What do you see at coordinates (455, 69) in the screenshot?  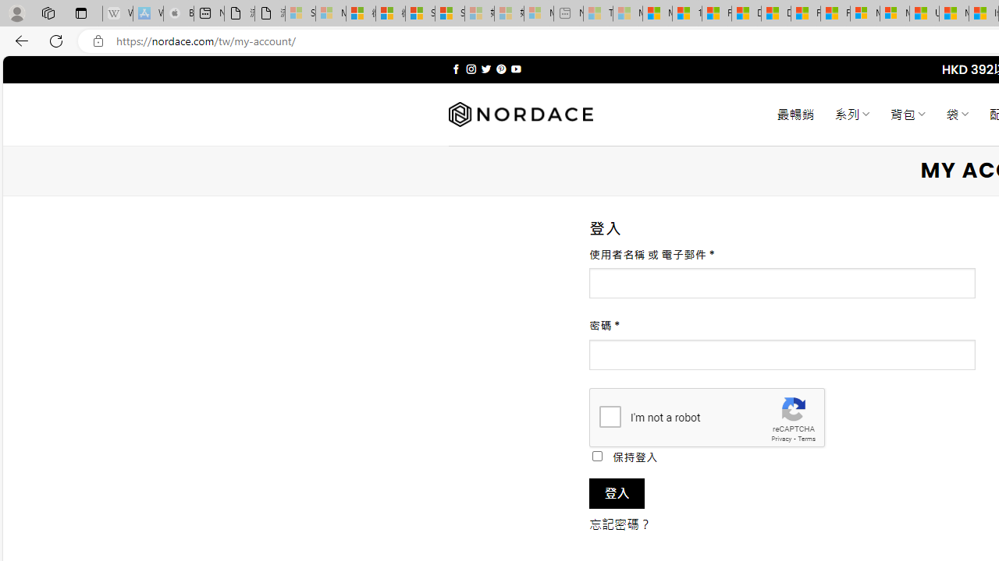 I see `'Follow on Facebook'` at bounding box center [455, 69].